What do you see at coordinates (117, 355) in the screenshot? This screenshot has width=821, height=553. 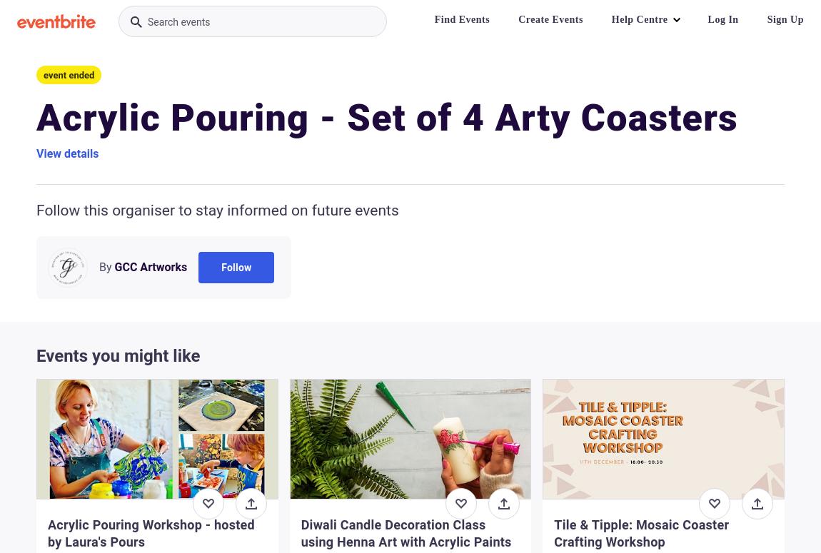 I see `'Events you might like'` at bounding box center [117, 355].